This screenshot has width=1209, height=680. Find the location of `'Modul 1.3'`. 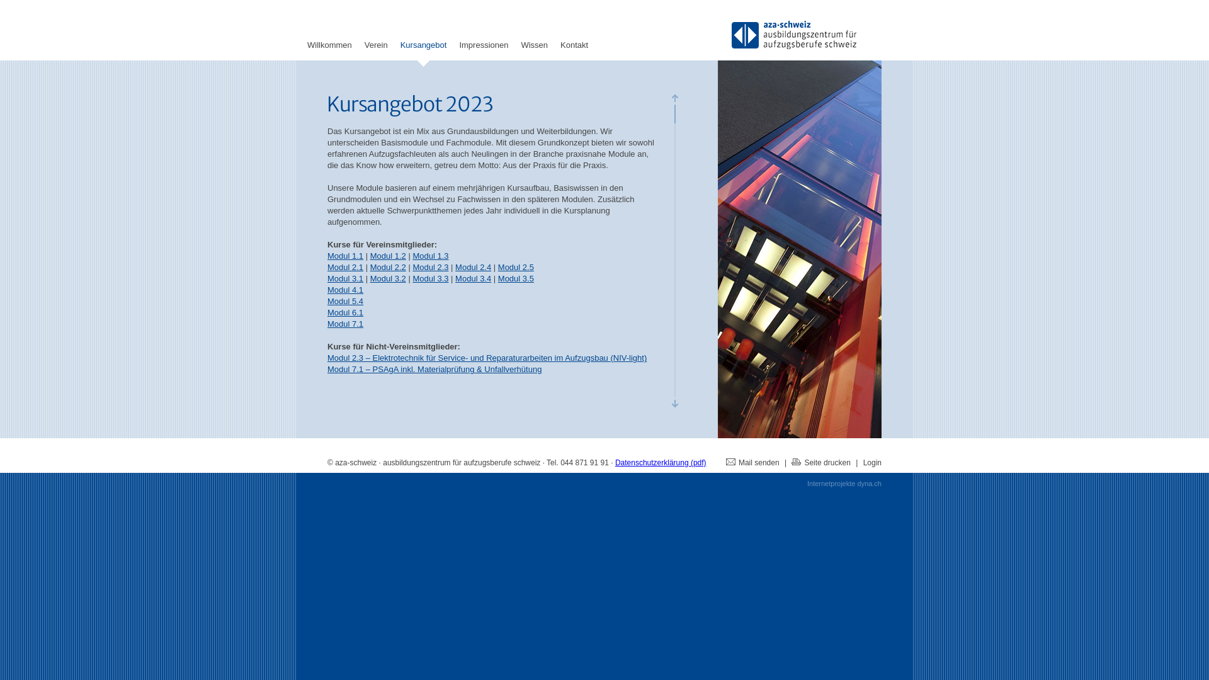

'Modul 1.3' is located at coordinates (430, 255).